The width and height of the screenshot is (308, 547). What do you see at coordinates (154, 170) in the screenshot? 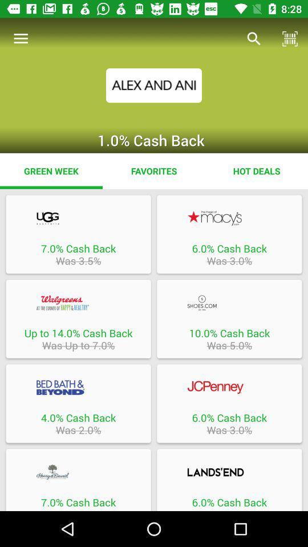
I see `icon next to hot deals icon` at bounding box center [154, 170].